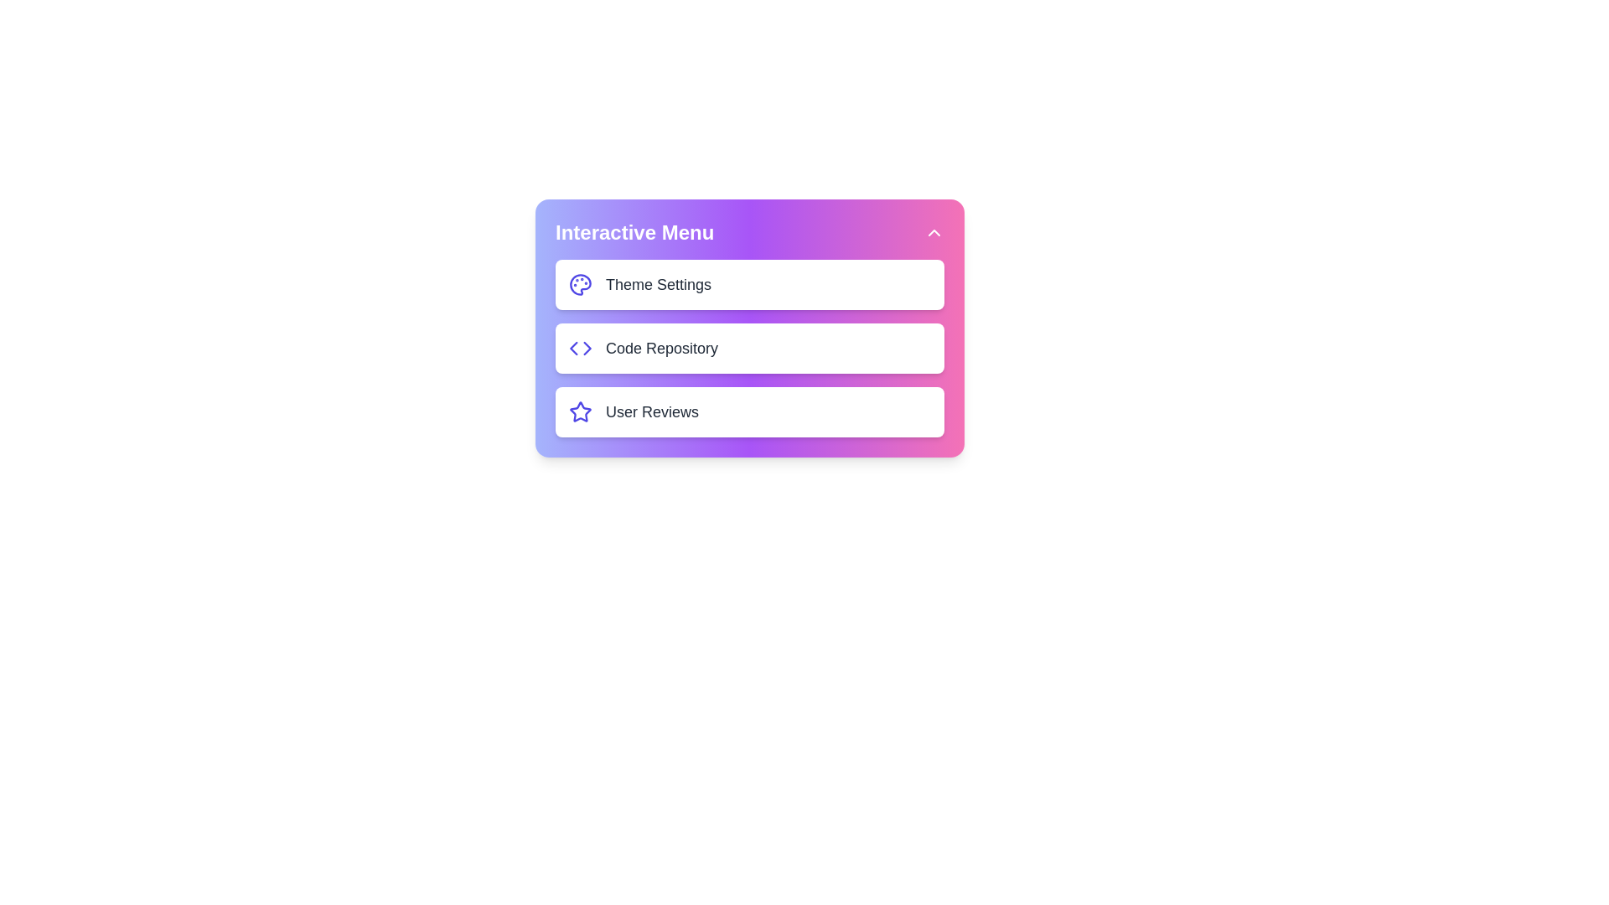 The width and height of the screenshot is (1609, 905). What do you see at coordinates (748, 283) in the screenshot?
I see `the menu item Theme Settings by clicking on it` at bounding box center [748, 283].